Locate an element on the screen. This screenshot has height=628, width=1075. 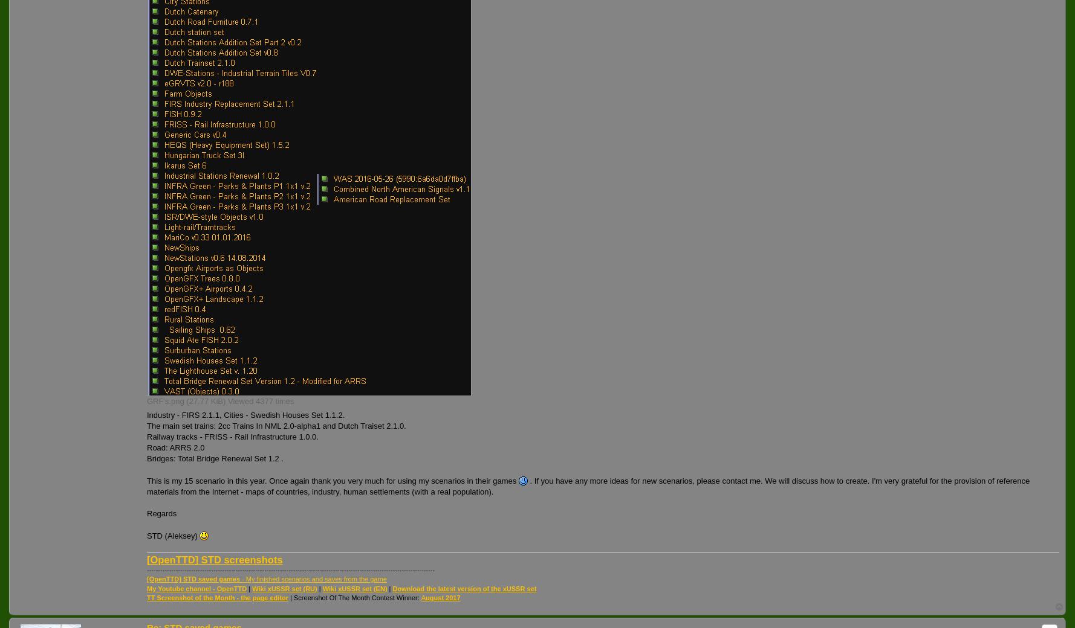
'STD (Aleksey)' is located at coordinates (173, 534).